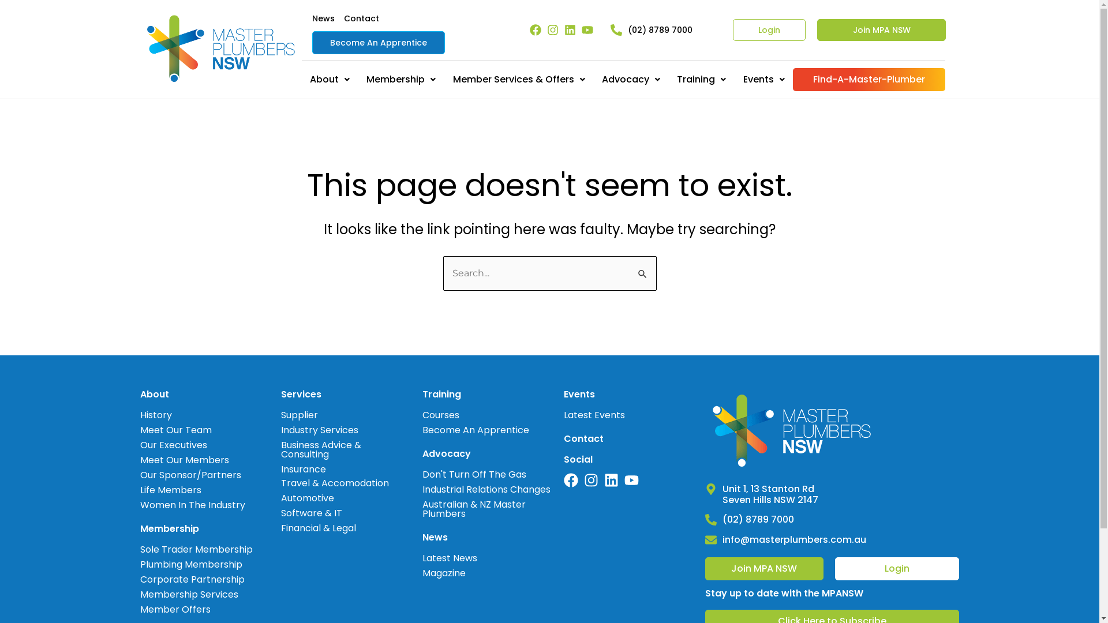 This screenshot has height=623, width=1108. Describe the element at coordinates (476, 415) in the screenshot. I see `'Courses'` at that location.